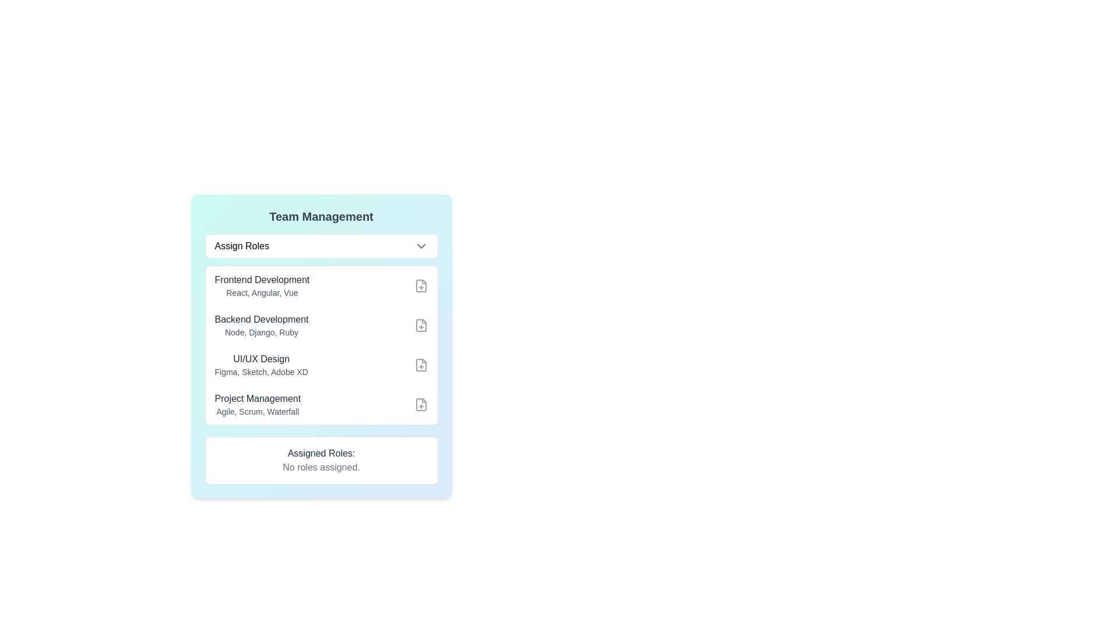  I want to click on the text label titled 'UI/UX Design' which is the third item in the vertically stacked list under the 'Team Management' box, positioned between 'Backend Development' and 'Project Management', so click(261, 365).